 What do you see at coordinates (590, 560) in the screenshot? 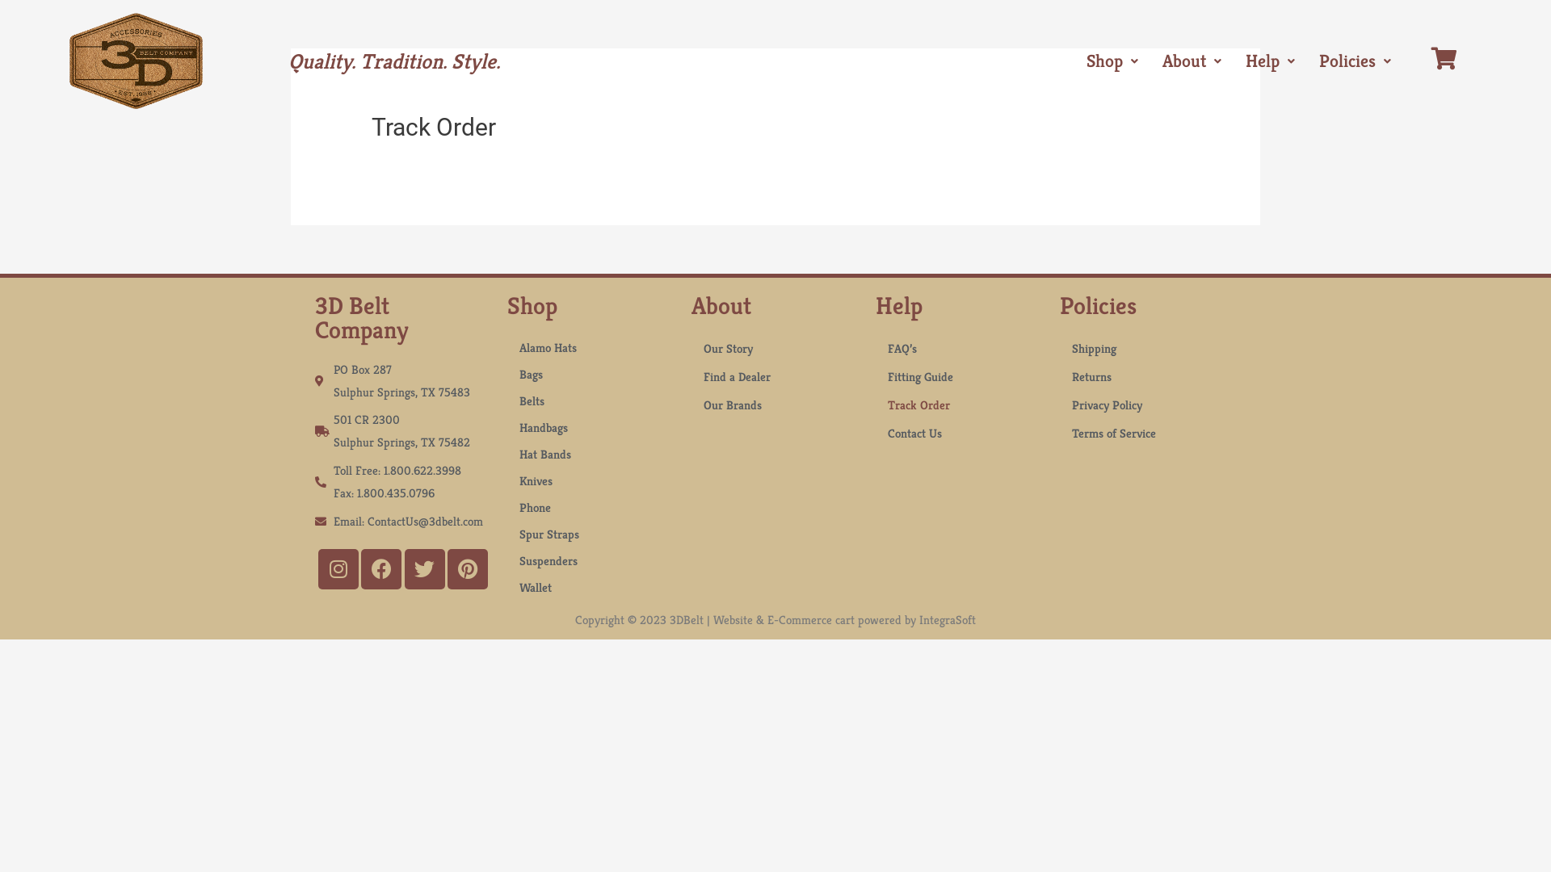
I see `'Suspenders'` at bounding box center [590, 560].